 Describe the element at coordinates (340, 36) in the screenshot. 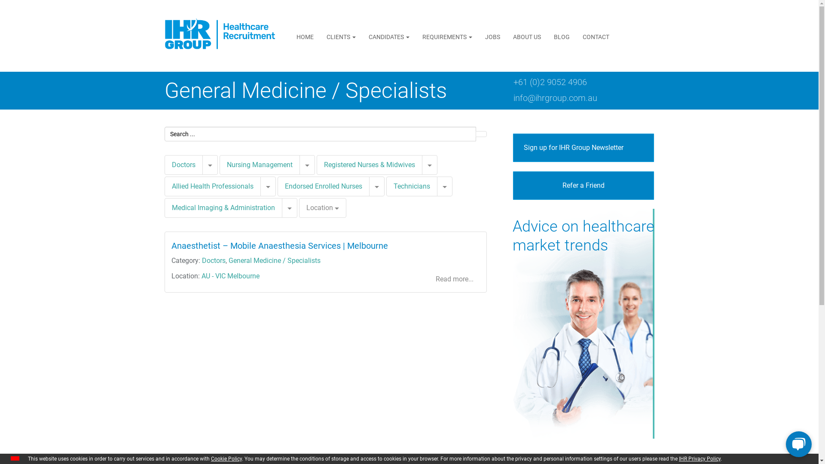

I see `'CLIENTS'` at that location.